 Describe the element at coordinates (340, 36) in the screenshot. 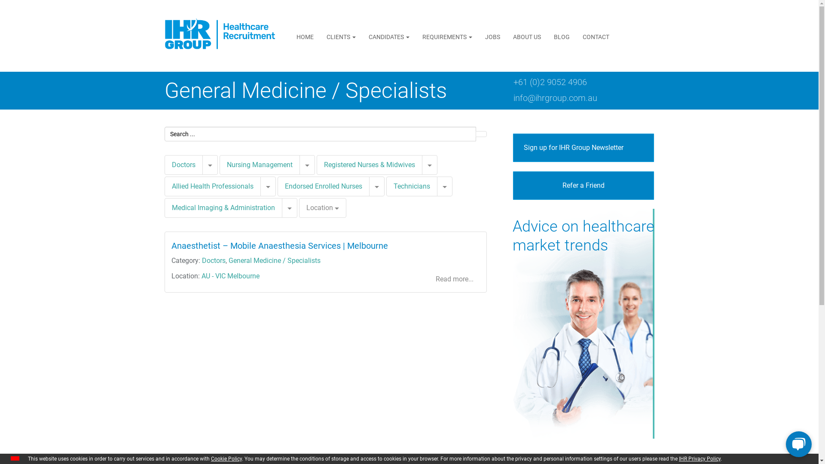

I see `'CLIENTS'` at that location.